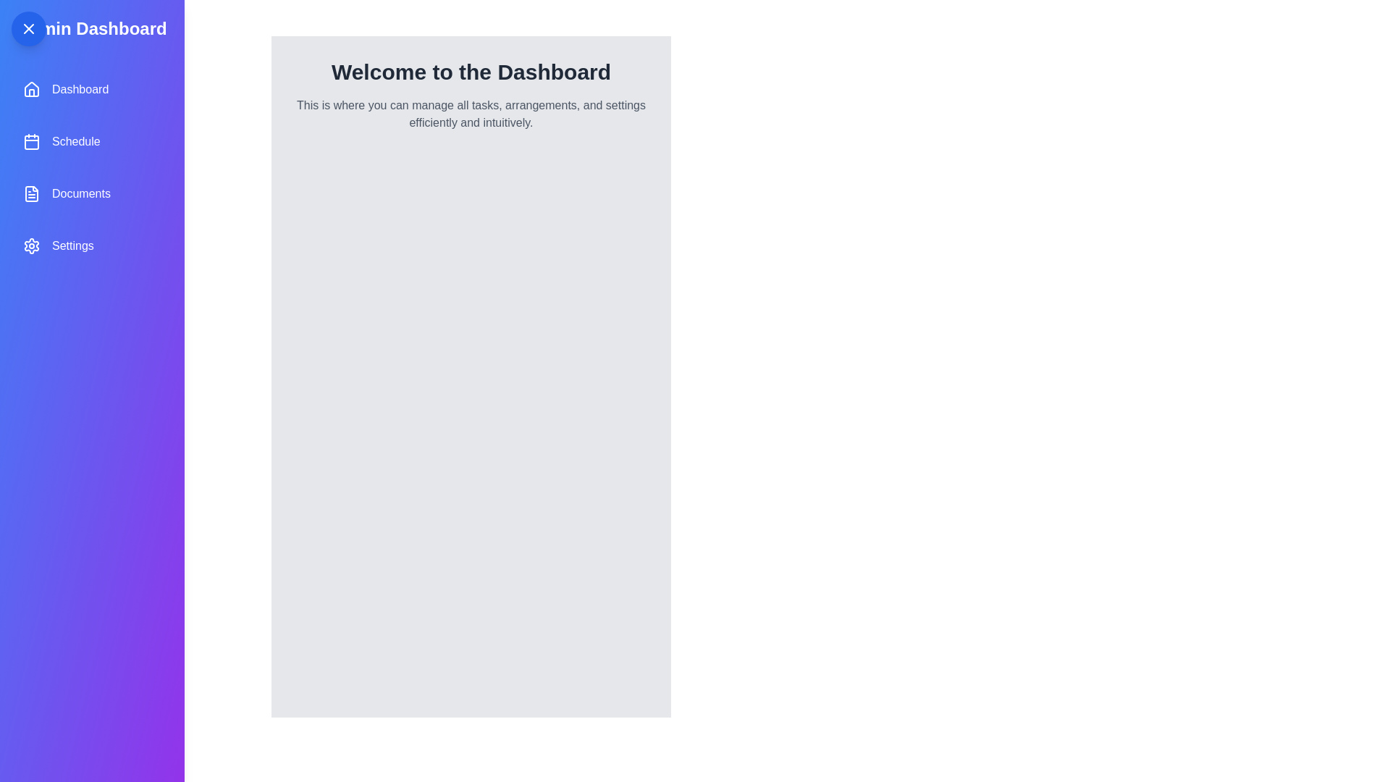 This screenshot has height=782, width=1390. I want to click on the sidebar menu item labeled Dashboard, so click(90, 89).